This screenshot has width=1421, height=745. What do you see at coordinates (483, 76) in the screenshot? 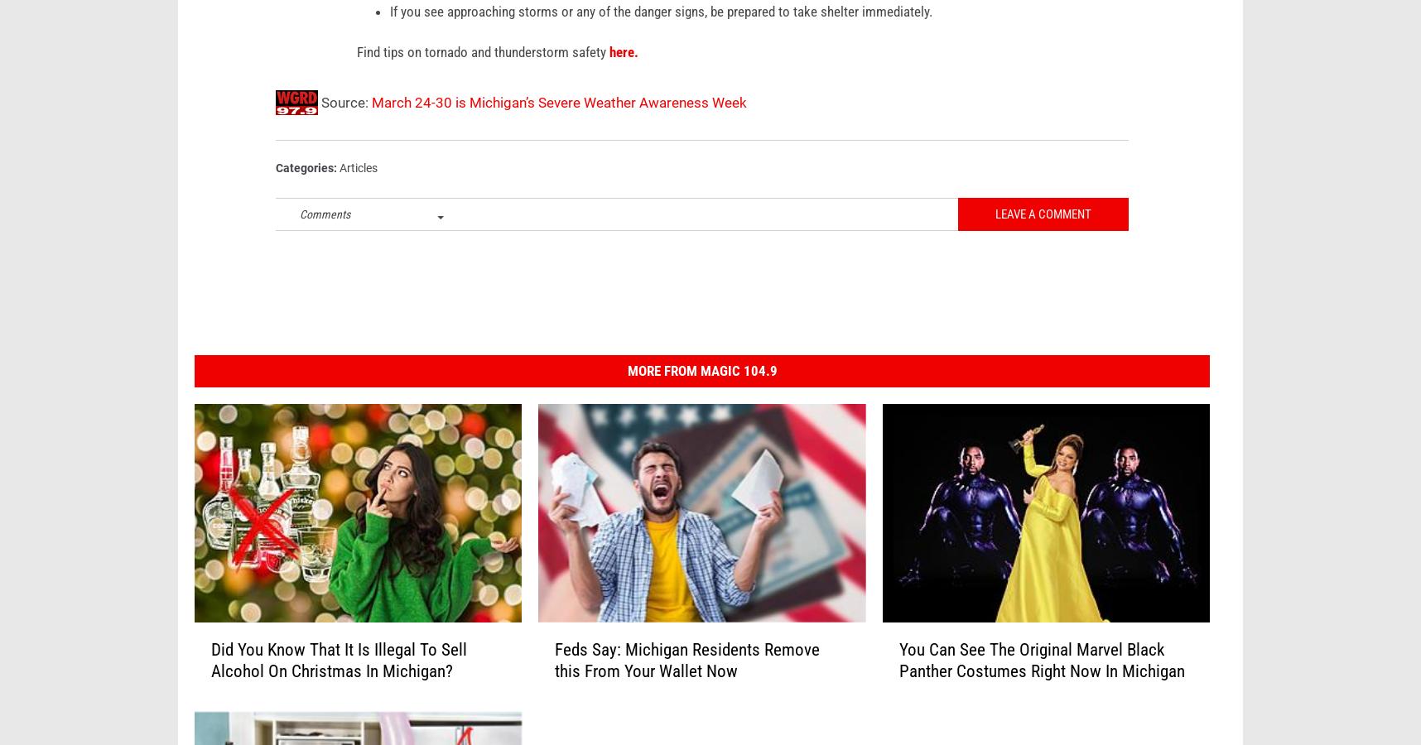
I see `'Find tips on tornado and thunderstorm safety'` at bounding box center [483, 76].